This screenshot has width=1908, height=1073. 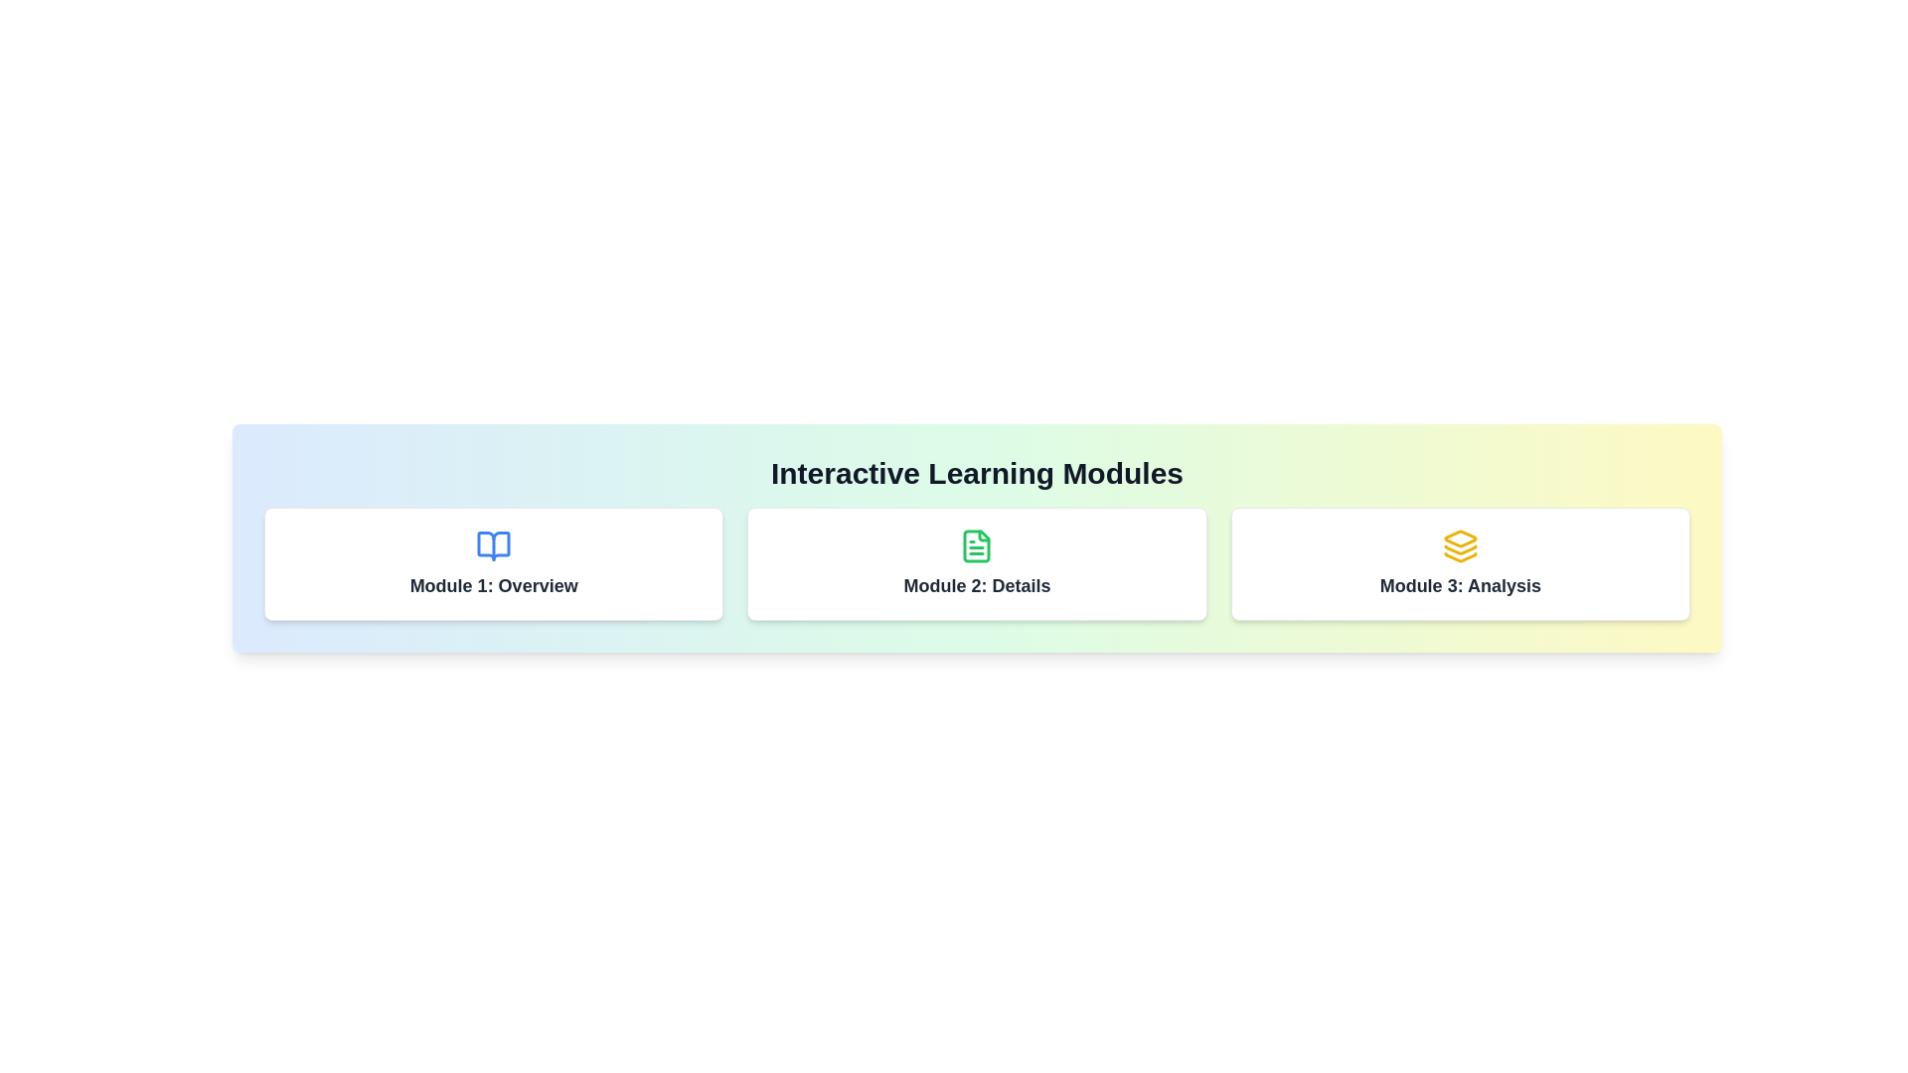 What do you see at coordinates (1460, 546) in the screenshot?
I see `the stack-like yellow icon located in the title section of the 'Module 3: Analysis' card, positioned above the text 'Module 3: Analysis'` at bounding box center [1460, 546].